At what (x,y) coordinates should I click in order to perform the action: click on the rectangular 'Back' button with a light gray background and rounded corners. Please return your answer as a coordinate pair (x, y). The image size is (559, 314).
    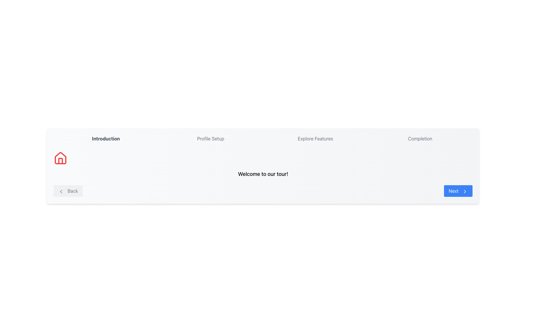
    Looking at the image, I should click on (68, 191).